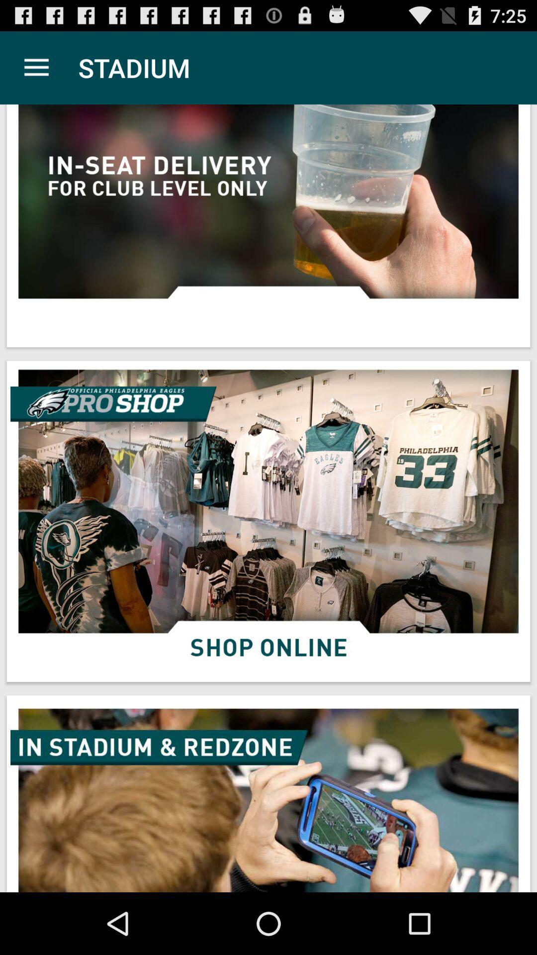 This screenshot has width=537, height=955. Describe the element at coordinates (36, 67) in the screenshot. I see `the app to the left of stadium item` at that location.